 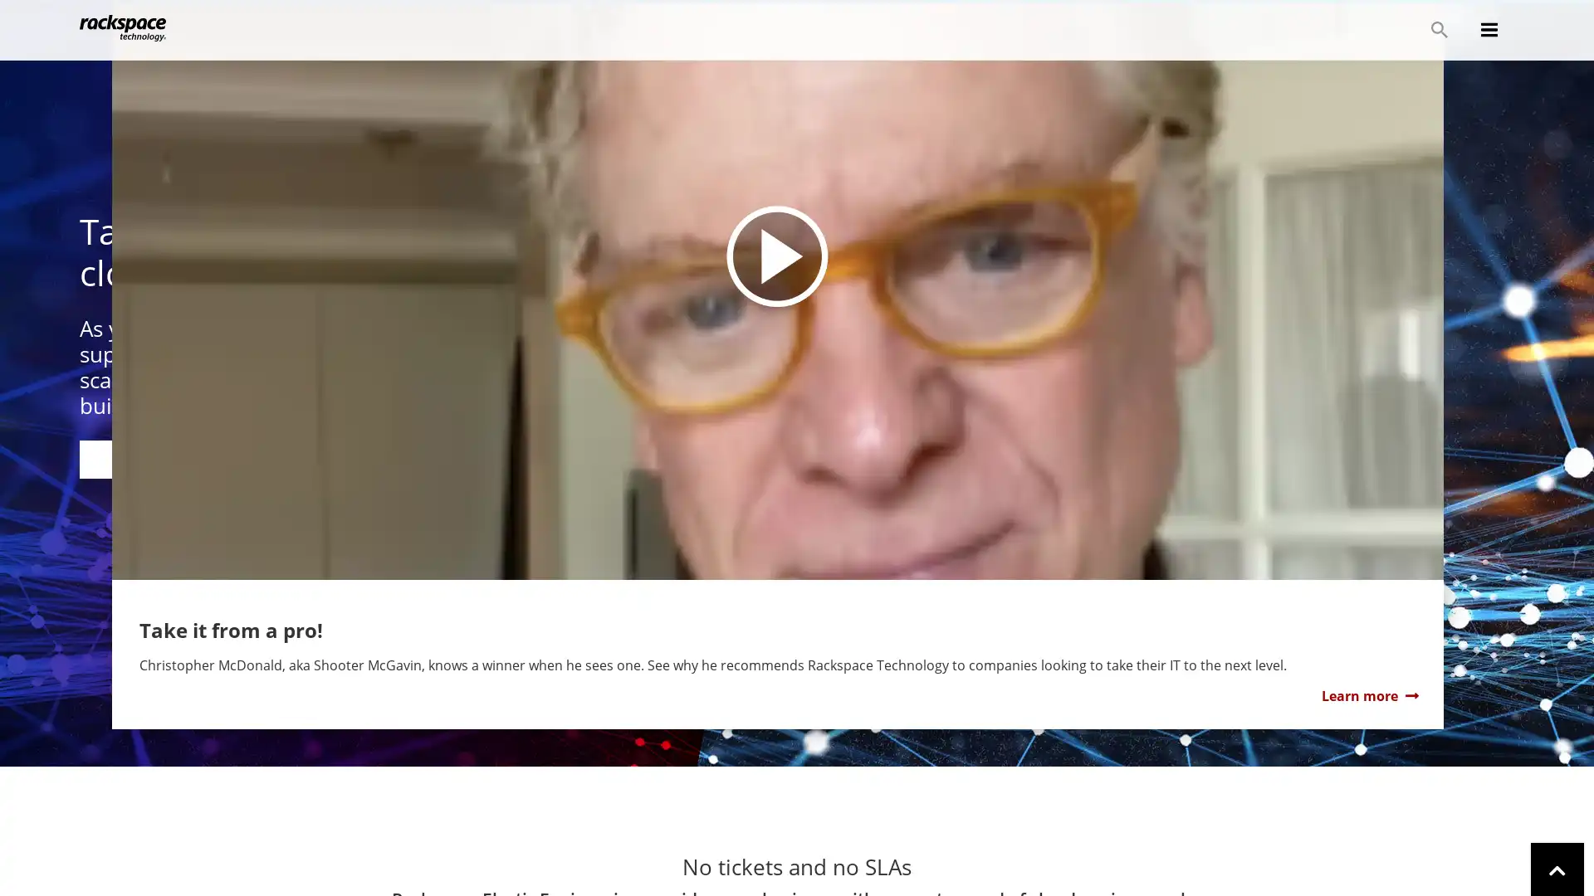 What do you see at coordinates (1161, 859) in the screenshot?
I see `Do Not Sell My Personal Information` at bounding box center [1161, 859].